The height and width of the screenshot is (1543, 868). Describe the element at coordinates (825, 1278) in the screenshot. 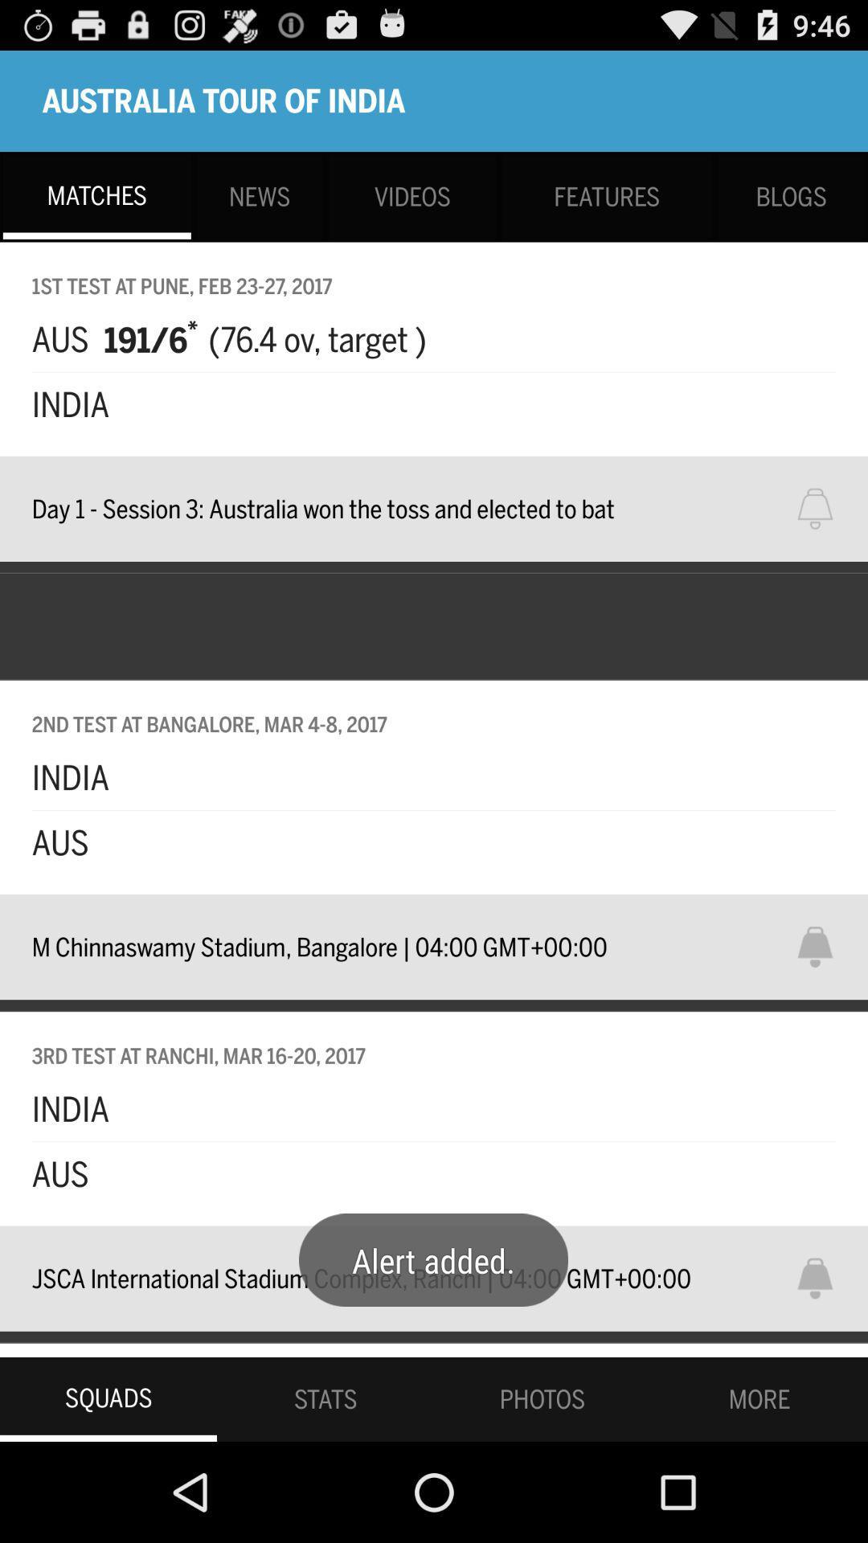

I see `click for notification` at that location.